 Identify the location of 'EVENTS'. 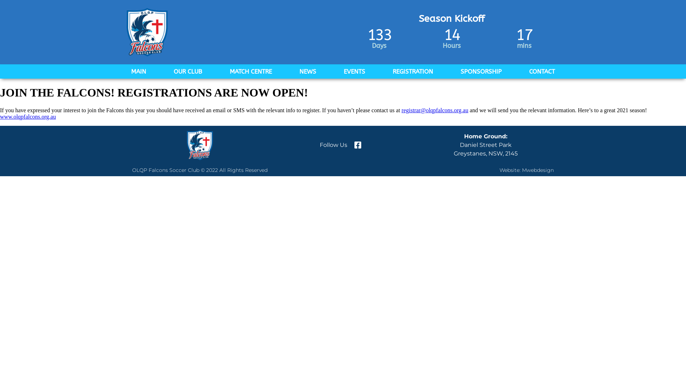
(334, 71).